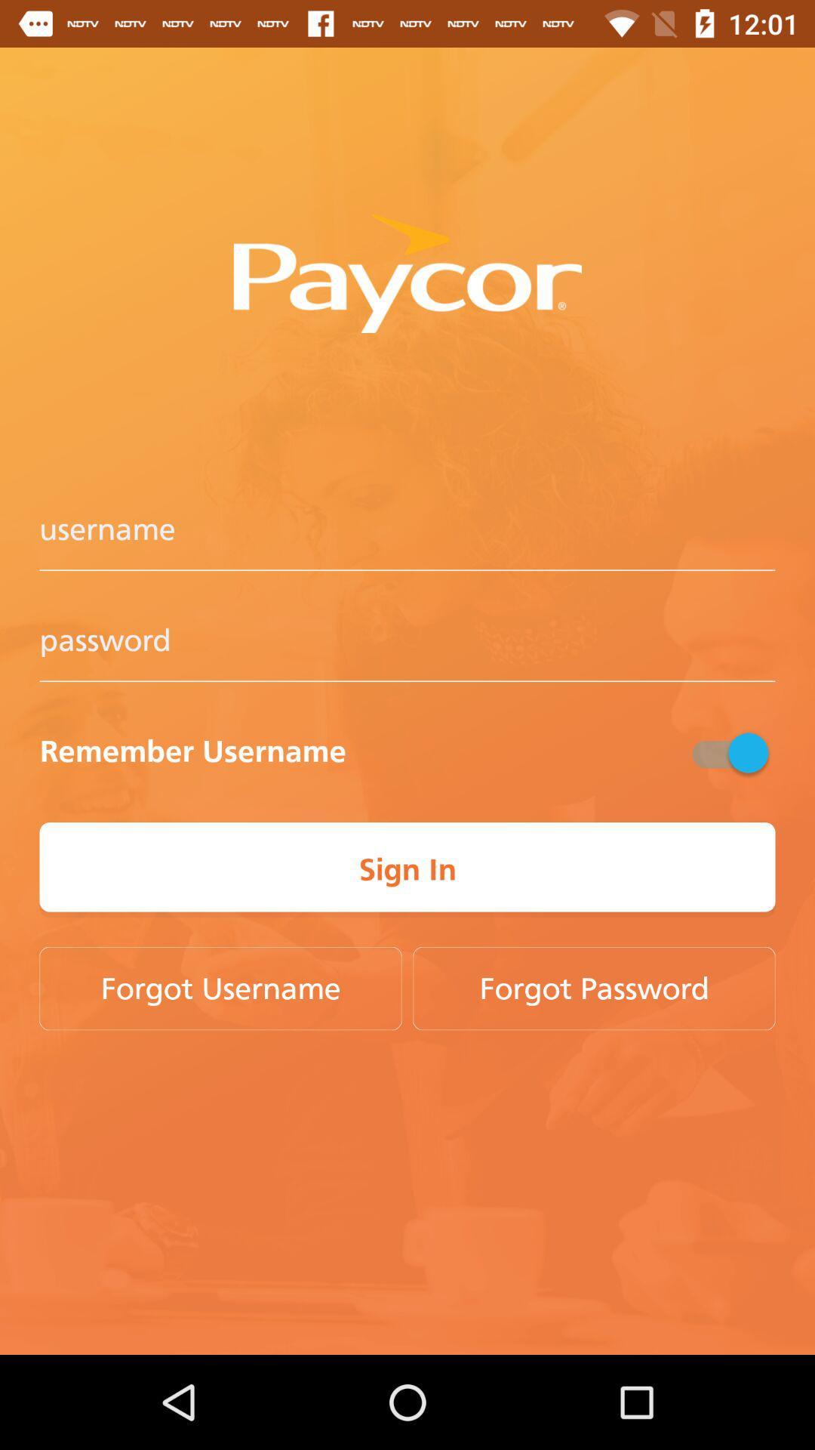 The image size is (815, 1450). I want to click on the icon above the forgot username item, so click(407, 870).